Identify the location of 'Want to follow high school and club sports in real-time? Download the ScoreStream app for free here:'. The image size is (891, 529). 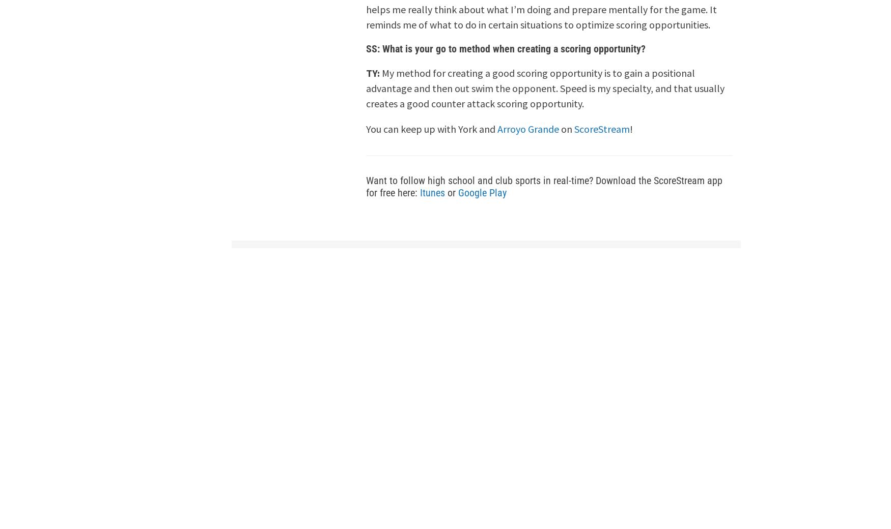
(544, 186).